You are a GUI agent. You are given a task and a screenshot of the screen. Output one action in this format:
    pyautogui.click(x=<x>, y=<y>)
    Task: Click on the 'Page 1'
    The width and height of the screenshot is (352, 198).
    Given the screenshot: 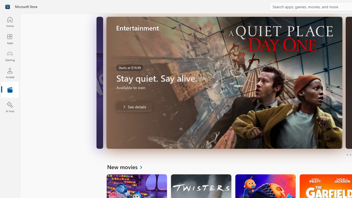 What is the action you would take?
    pyautogui.click(x=347, y=155)
    